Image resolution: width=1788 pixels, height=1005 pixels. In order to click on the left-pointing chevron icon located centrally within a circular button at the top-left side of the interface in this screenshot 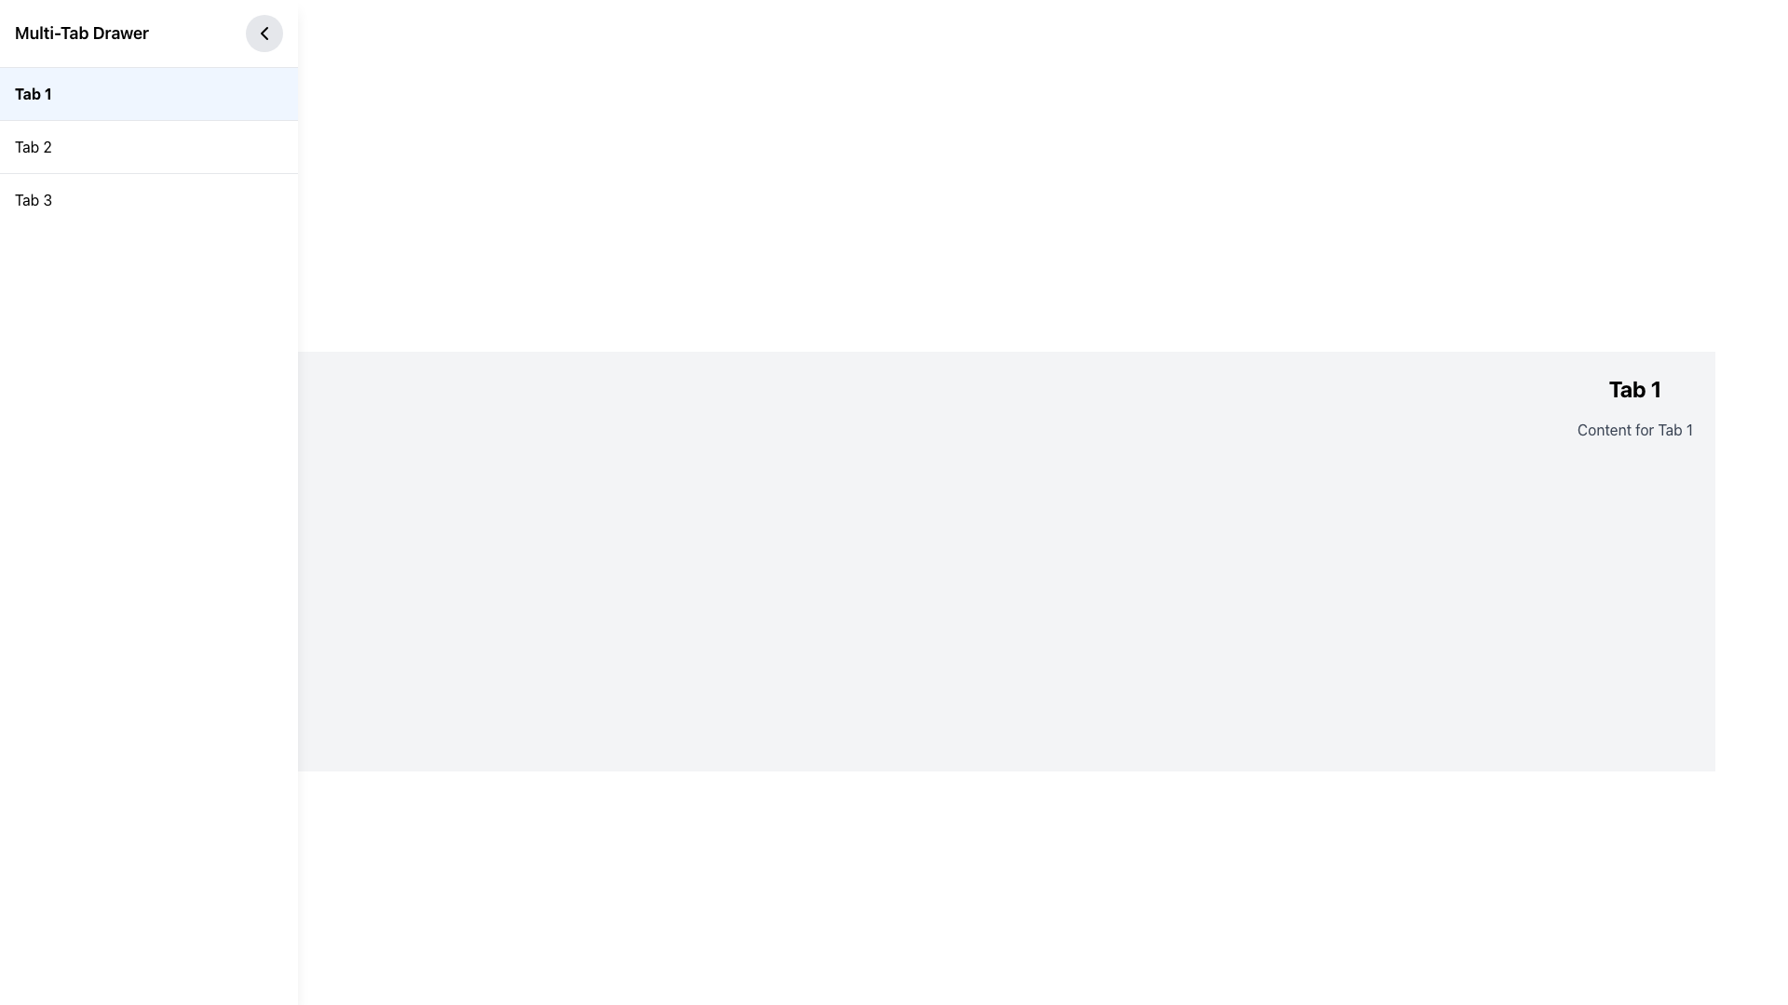, I will do `click(263, 33)`.